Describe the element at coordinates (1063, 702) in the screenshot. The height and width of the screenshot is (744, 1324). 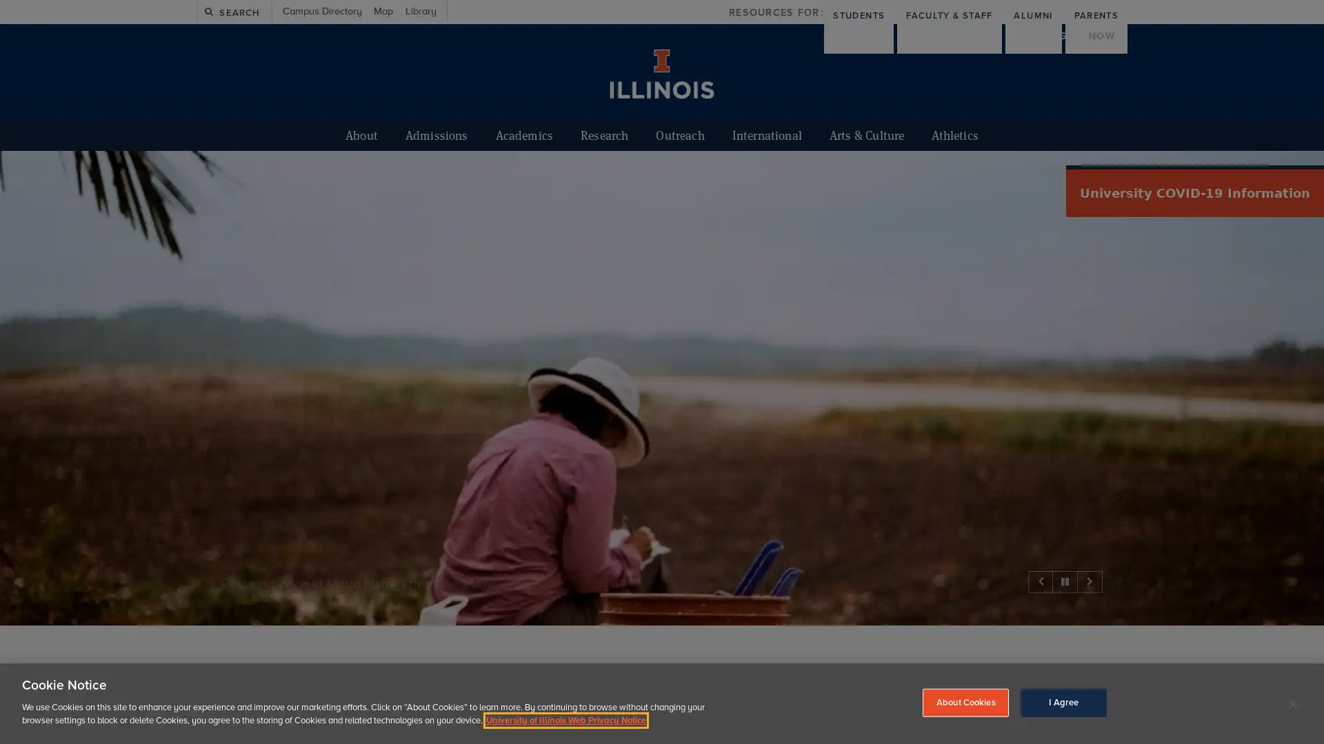
I see `I Agree` at that location.